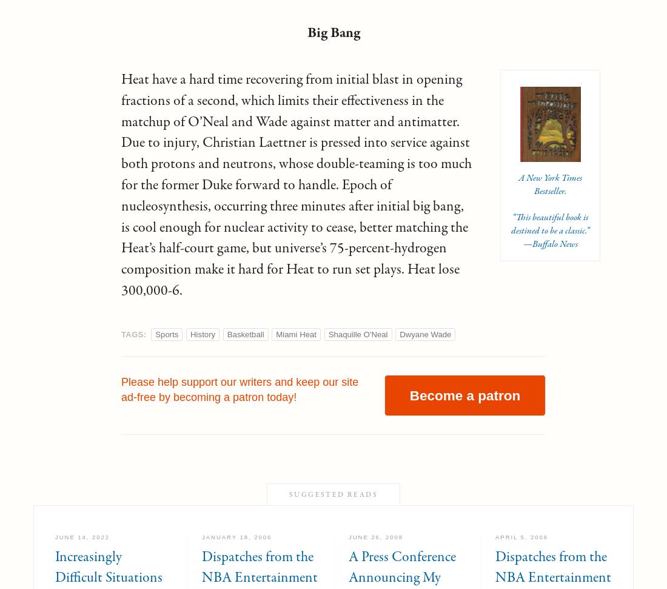 This screenshot has width=667, height=589. Describe the element at coordinates (424, 334) in the screenshot. I see `'Dwyane Wade'` at that location.